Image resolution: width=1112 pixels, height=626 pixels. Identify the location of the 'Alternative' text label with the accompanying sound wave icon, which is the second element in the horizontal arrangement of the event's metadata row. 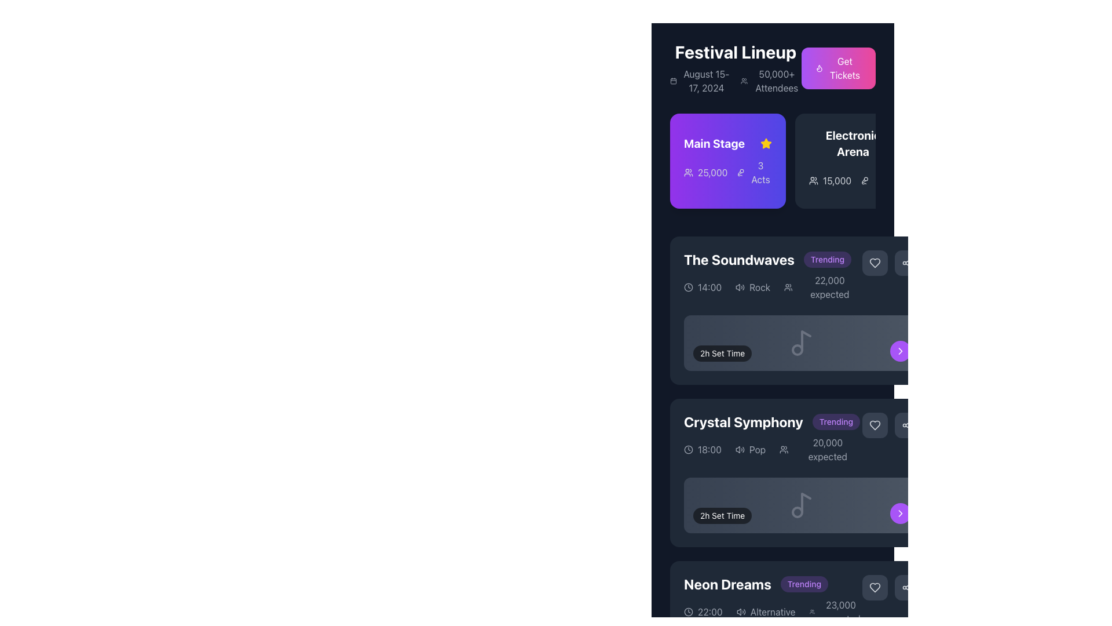
(766, 612).